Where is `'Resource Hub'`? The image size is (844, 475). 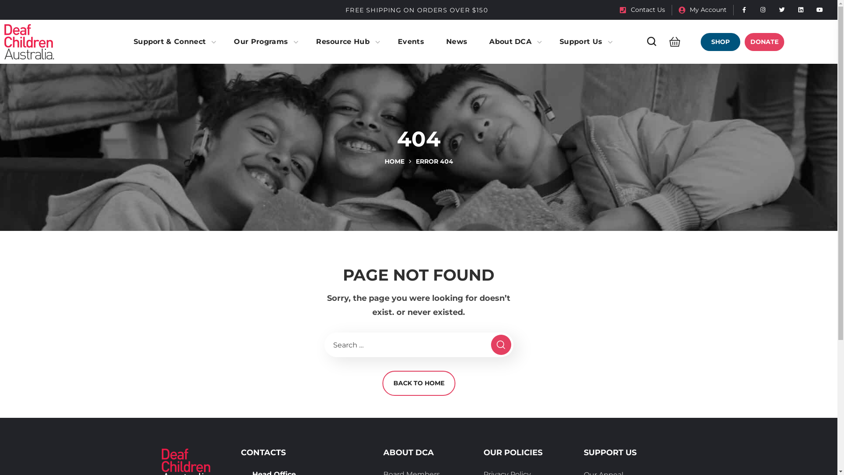
'Resource Hub' is located at coordinates (305, 42).